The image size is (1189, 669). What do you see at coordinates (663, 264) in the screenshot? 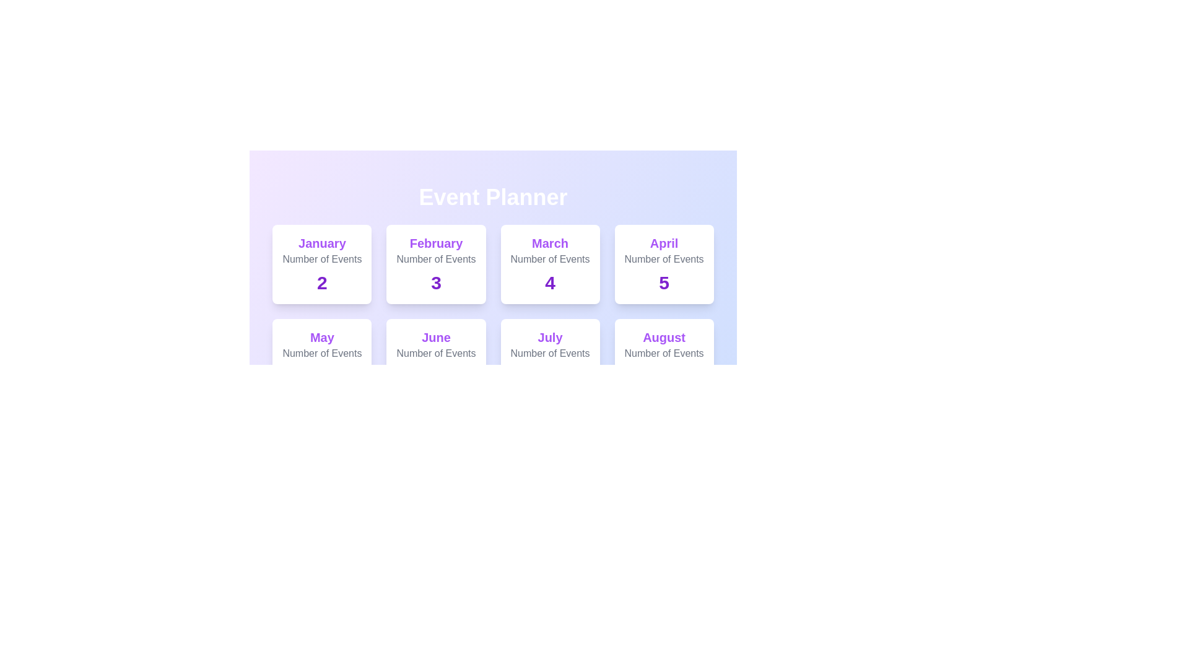
I see `the card for April` at bounding box center [663, 264].